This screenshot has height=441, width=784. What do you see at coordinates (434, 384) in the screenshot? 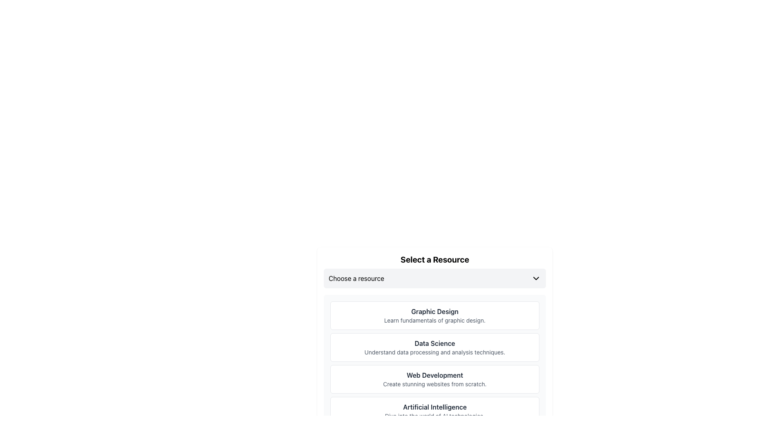
I see `the static text label that reads 'Create stunning websites from scratch.' which is styled in gray and aligned below the title 'Web Development'` at bounding box center [434, 384].